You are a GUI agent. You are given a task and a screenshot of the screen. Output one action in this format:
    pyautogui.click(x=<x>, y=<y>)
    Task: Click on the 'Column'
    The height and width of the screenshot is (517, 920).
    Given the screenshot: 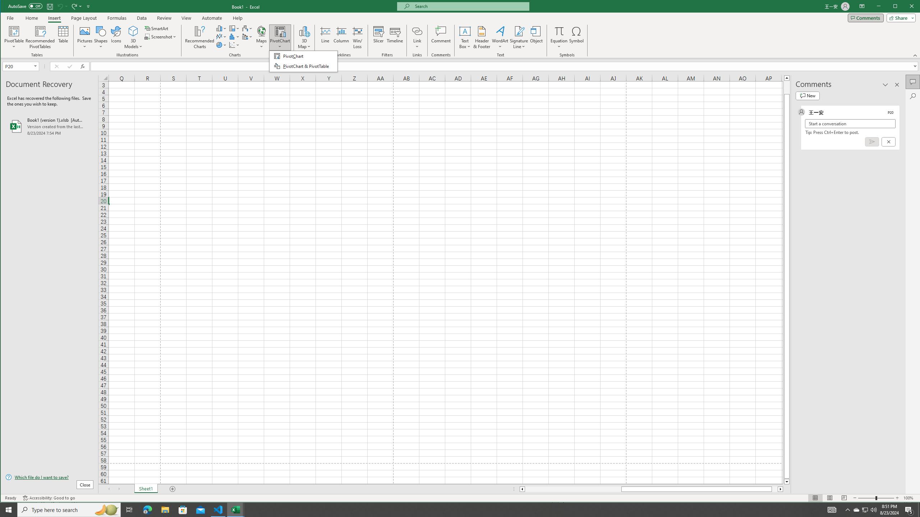 What is the action you would take?
    pyautogui.click(x=341, y=37)
    